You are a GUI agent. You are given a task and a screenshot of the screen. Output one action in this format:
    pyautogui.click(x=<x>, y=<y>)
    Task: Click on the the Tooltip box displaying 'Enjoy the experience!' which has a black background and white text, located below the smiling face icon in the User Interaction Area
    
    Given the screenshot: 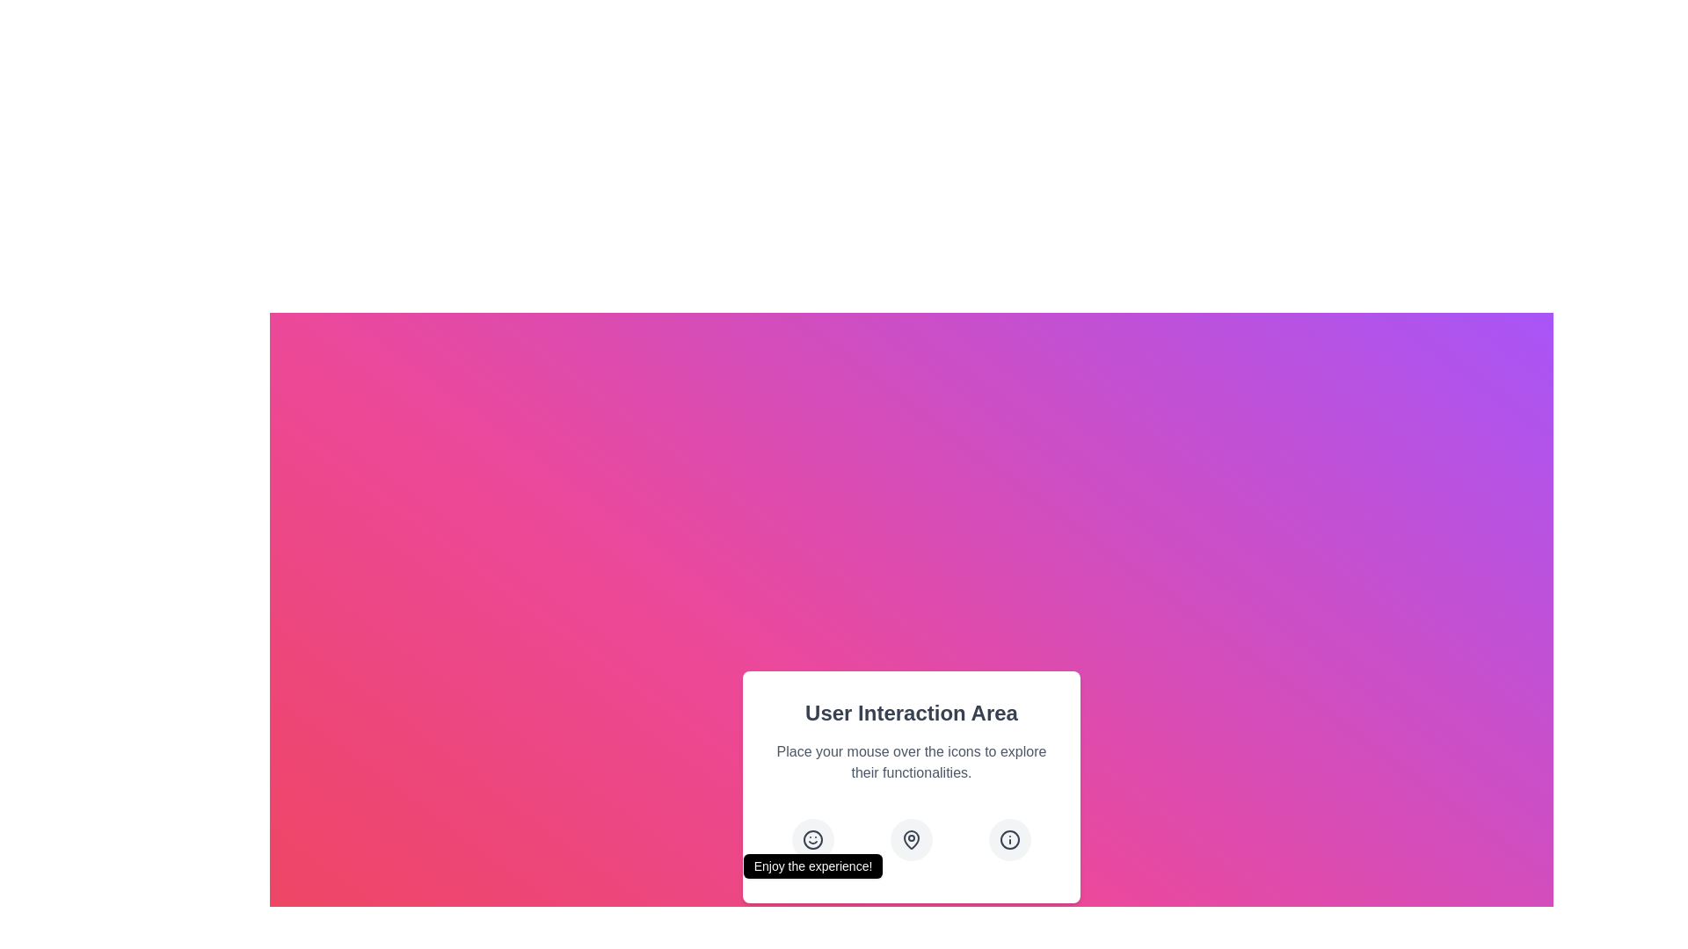 What is the action you would take?
    pyautogui.click(x=812, y=866)
    